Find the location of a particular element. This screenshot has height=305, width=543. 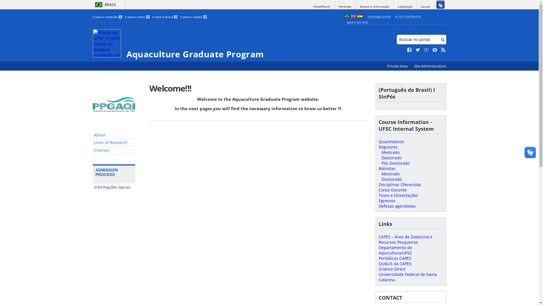

'Participe' is located at coordinates (344, 6).